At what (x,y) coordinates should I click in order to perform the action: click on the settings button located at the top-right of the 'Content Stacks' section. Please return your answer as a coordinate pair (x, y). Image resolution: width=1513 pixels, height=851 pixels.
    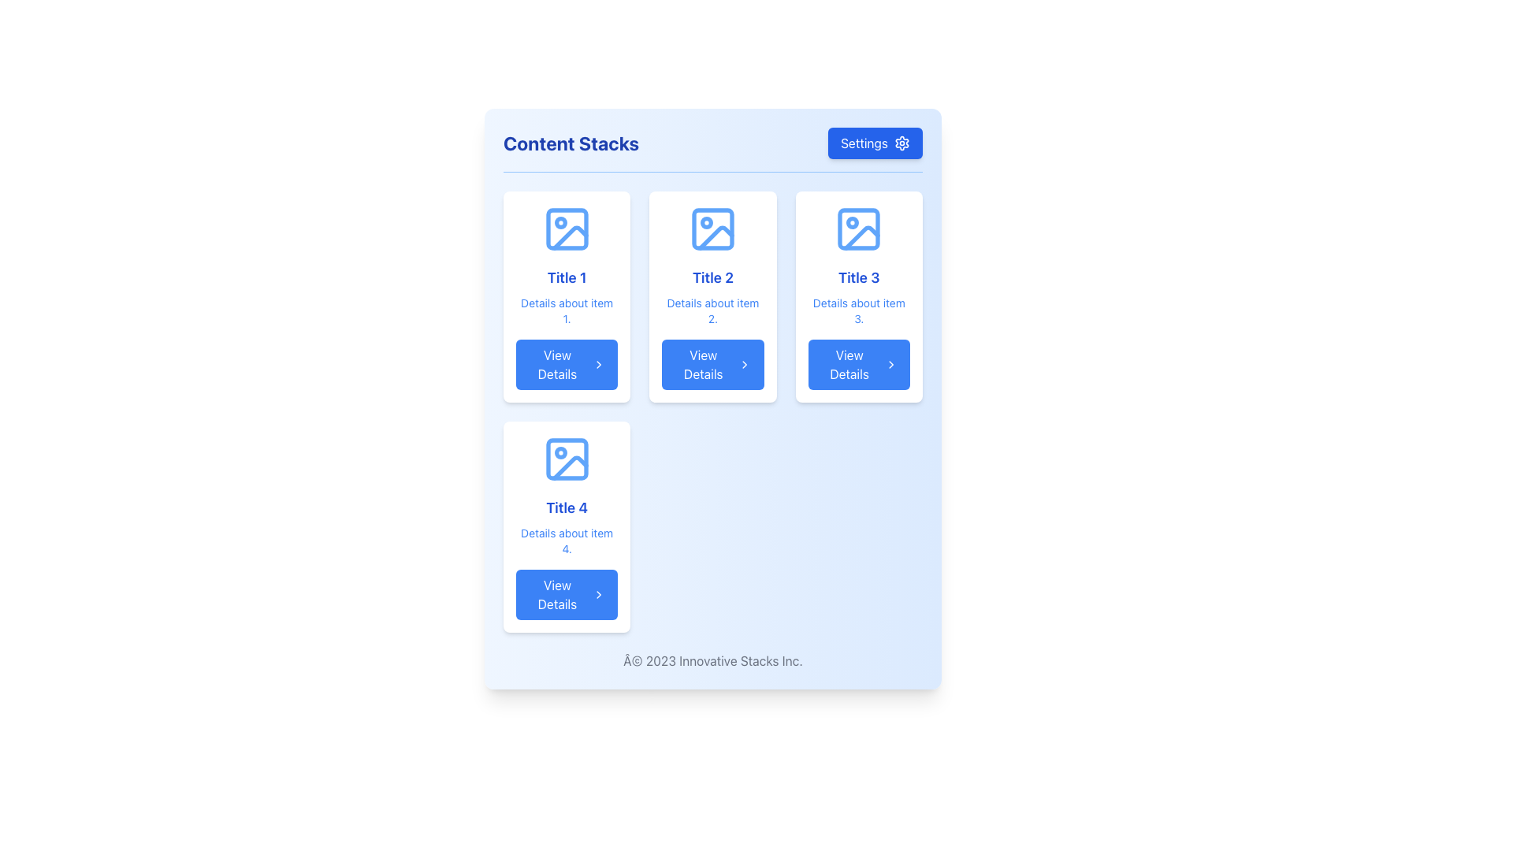
    Looking at the image, I should click on (875, 143).